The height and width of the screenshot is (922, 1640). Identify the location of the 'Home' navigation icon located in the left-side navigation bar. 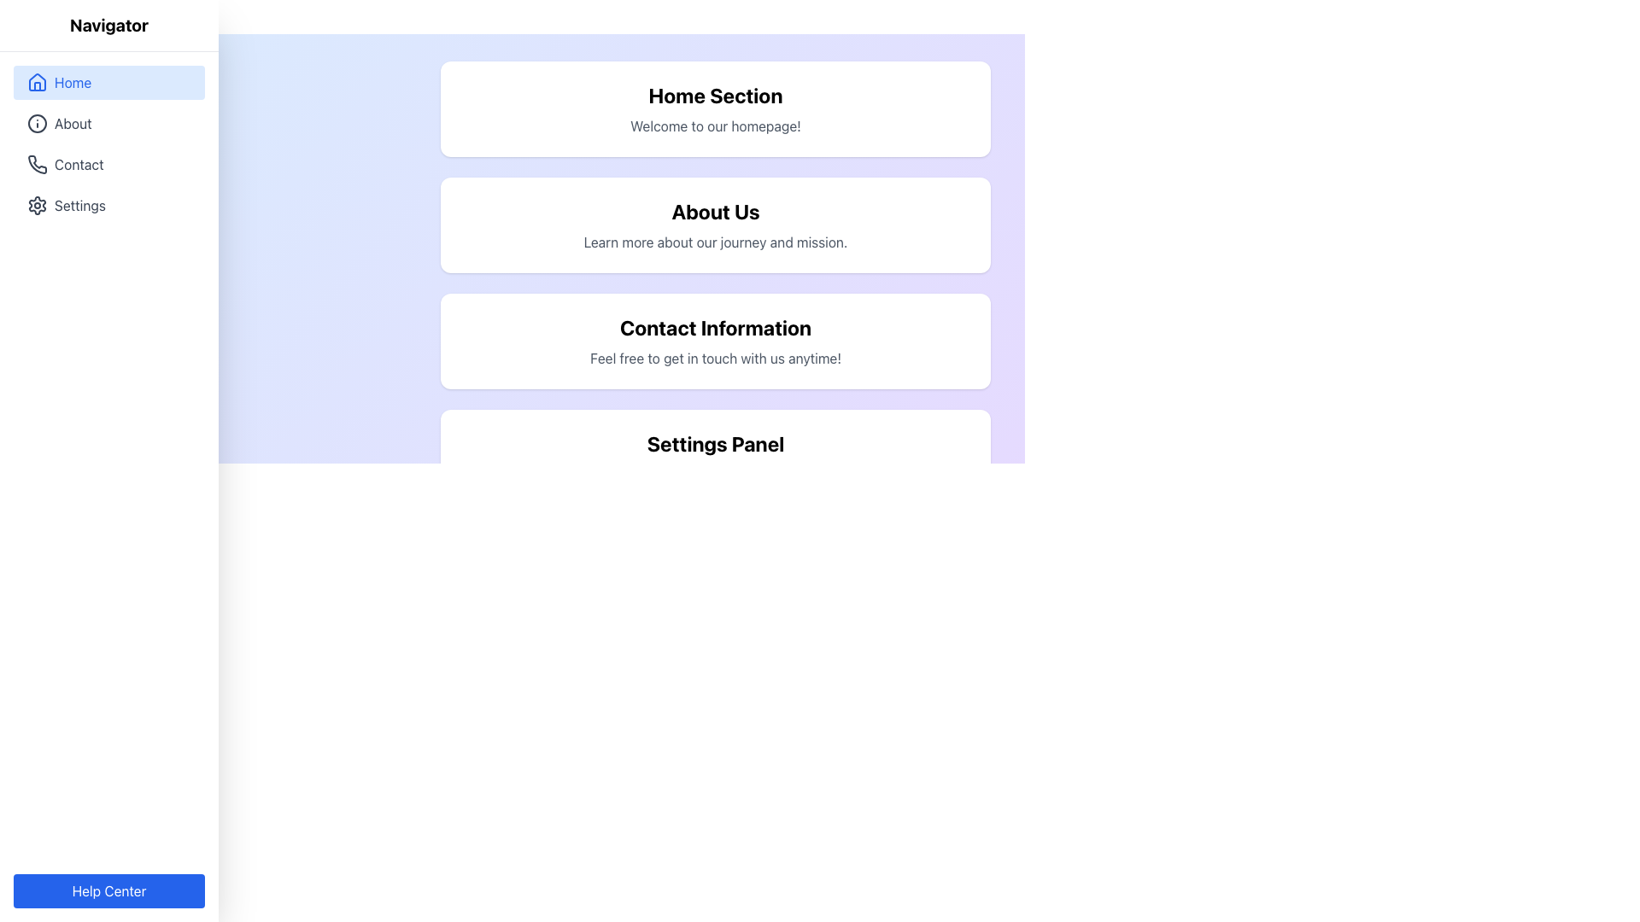
(37, 82).